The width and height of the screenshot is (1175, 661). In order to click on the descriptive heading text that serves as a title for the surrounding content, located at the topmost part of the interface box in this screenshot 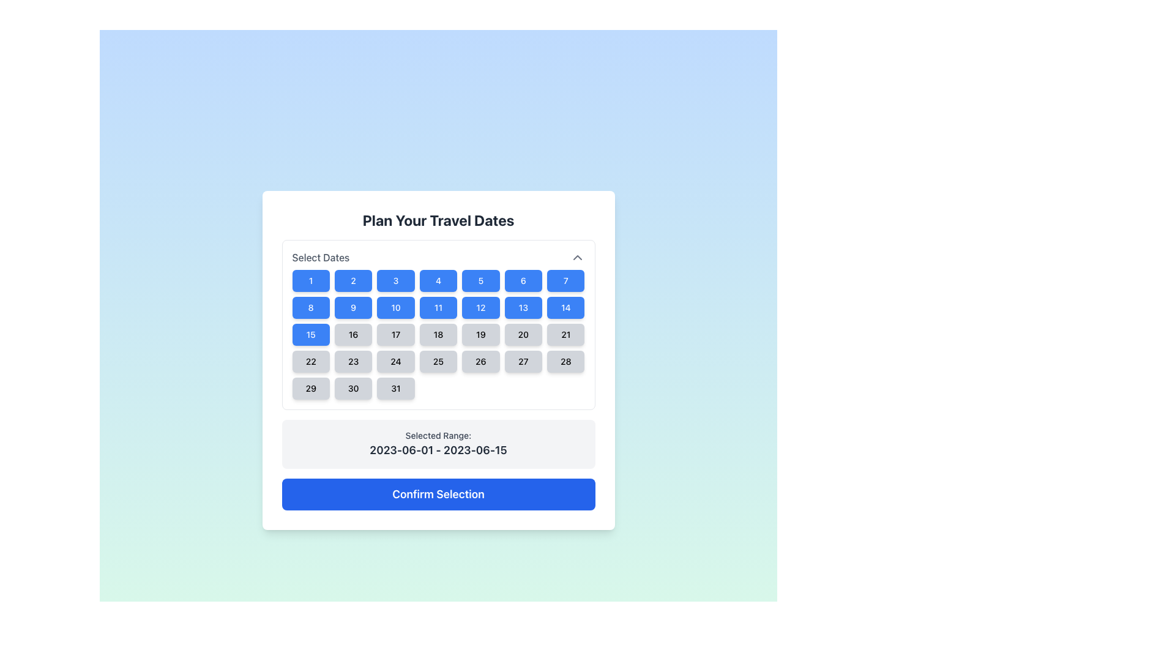, I will do `click(438, 219)`.